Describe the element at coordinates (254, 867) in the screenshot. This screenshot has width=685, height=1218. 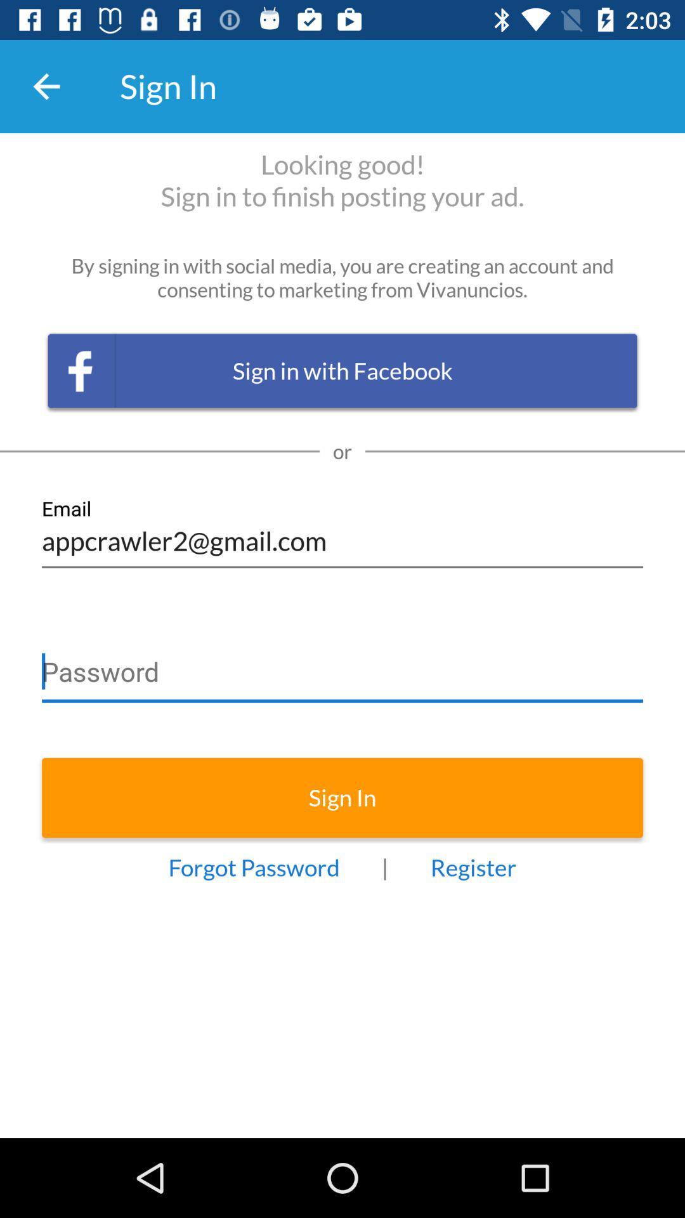
I see `the item next to the | item` at that location.